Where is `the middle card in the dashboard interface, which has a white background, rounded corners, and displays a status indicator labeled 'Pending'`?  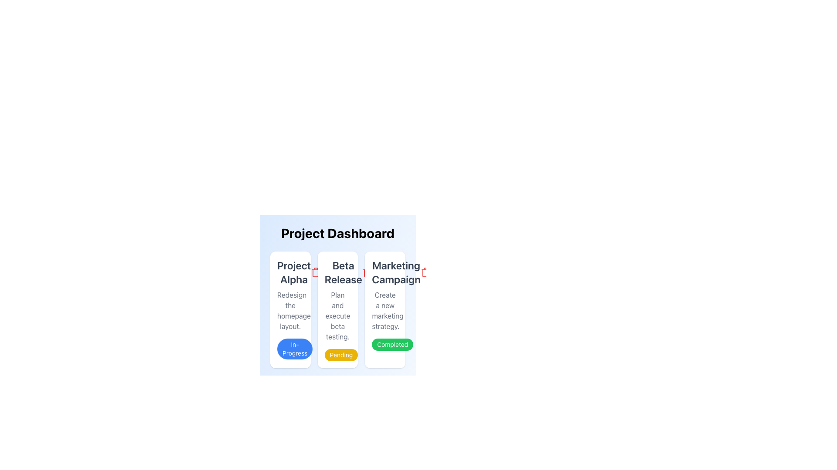
the middle card in the dashboard interface, which has a white background, rounded corners, and displays a status indicator labeled 'Pending' is located at coordinates (337, 290).